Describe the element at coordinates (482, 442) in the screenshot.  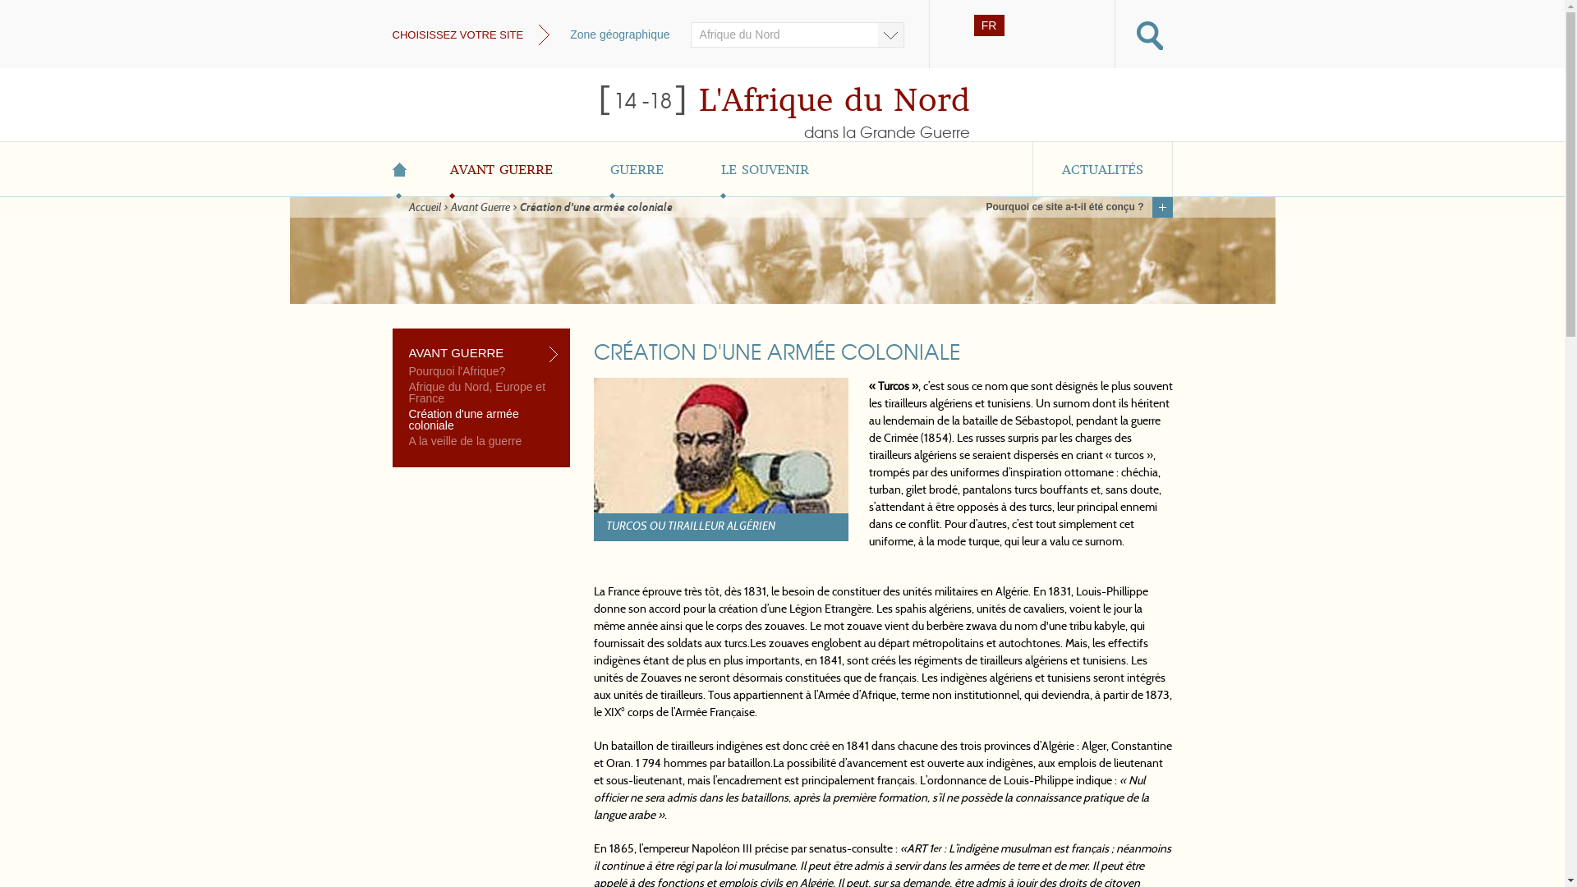
I see `'A la veille de la guerre'` at that location.